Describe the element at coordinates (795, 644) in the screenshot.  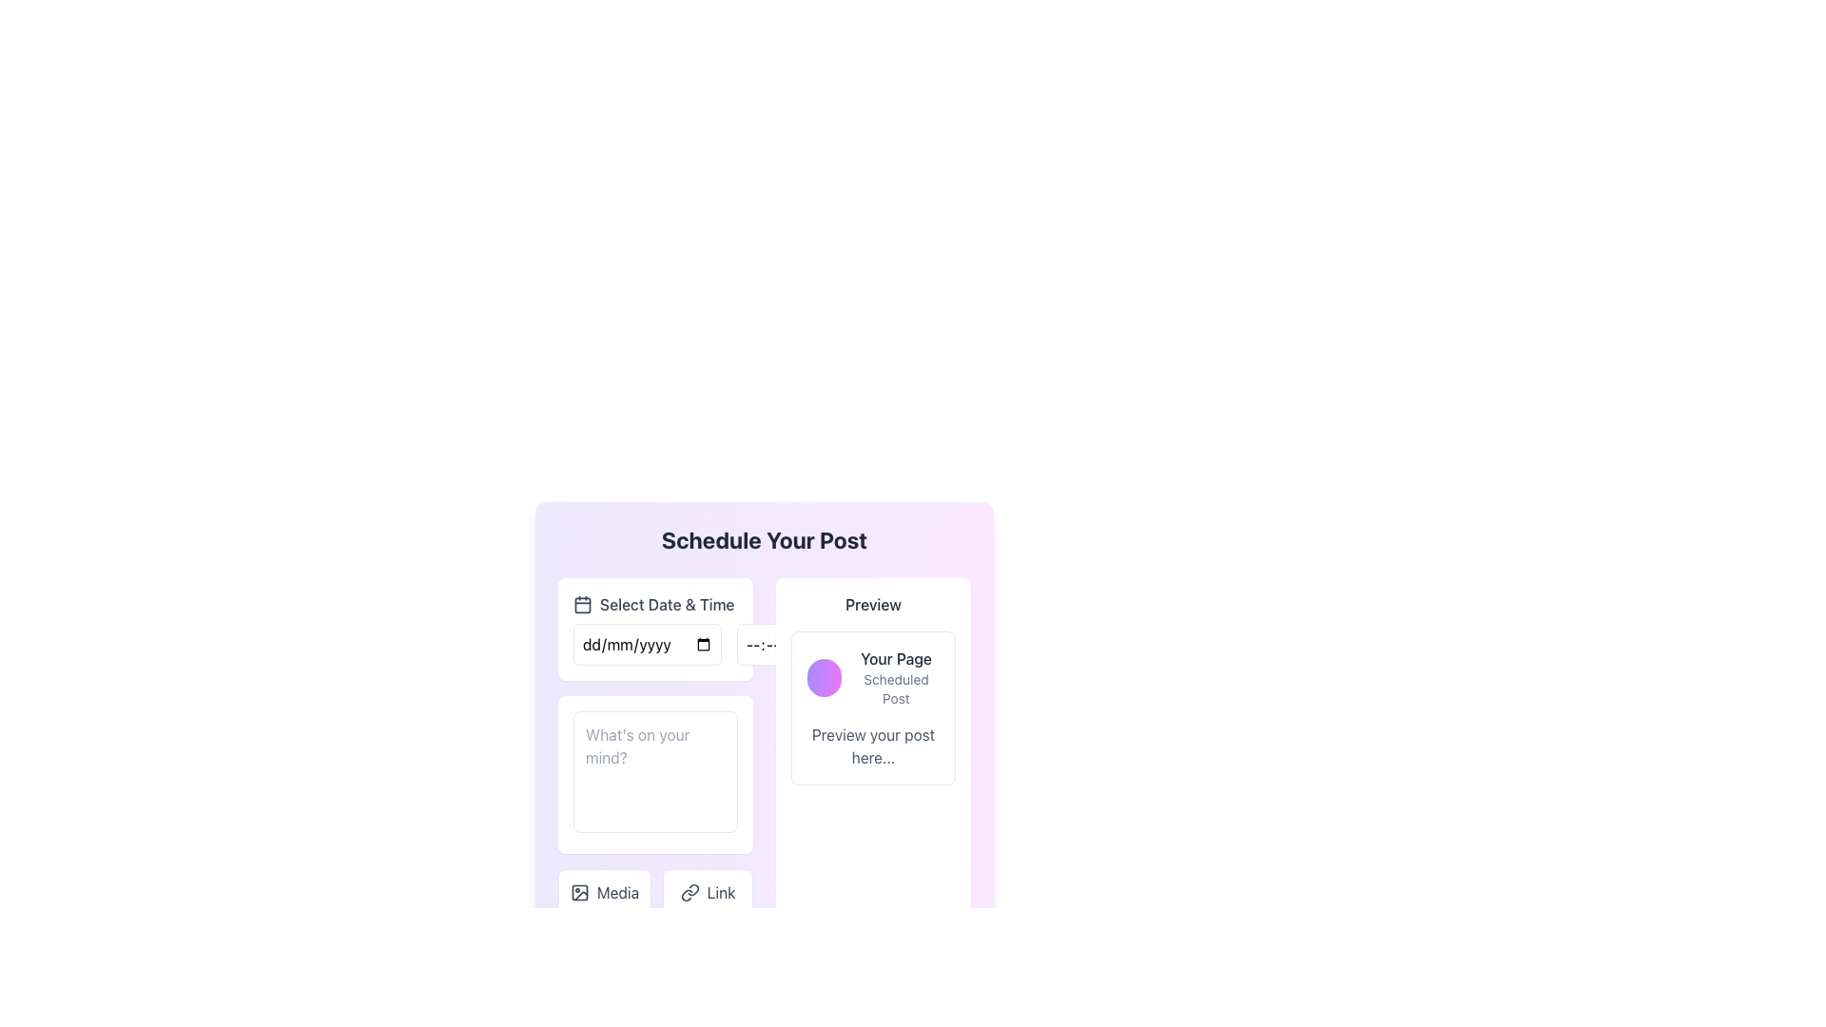
I see `the Time input field located to the right of the date input box in the 'Select Date & Time' section to focus on it for time input` at that location.